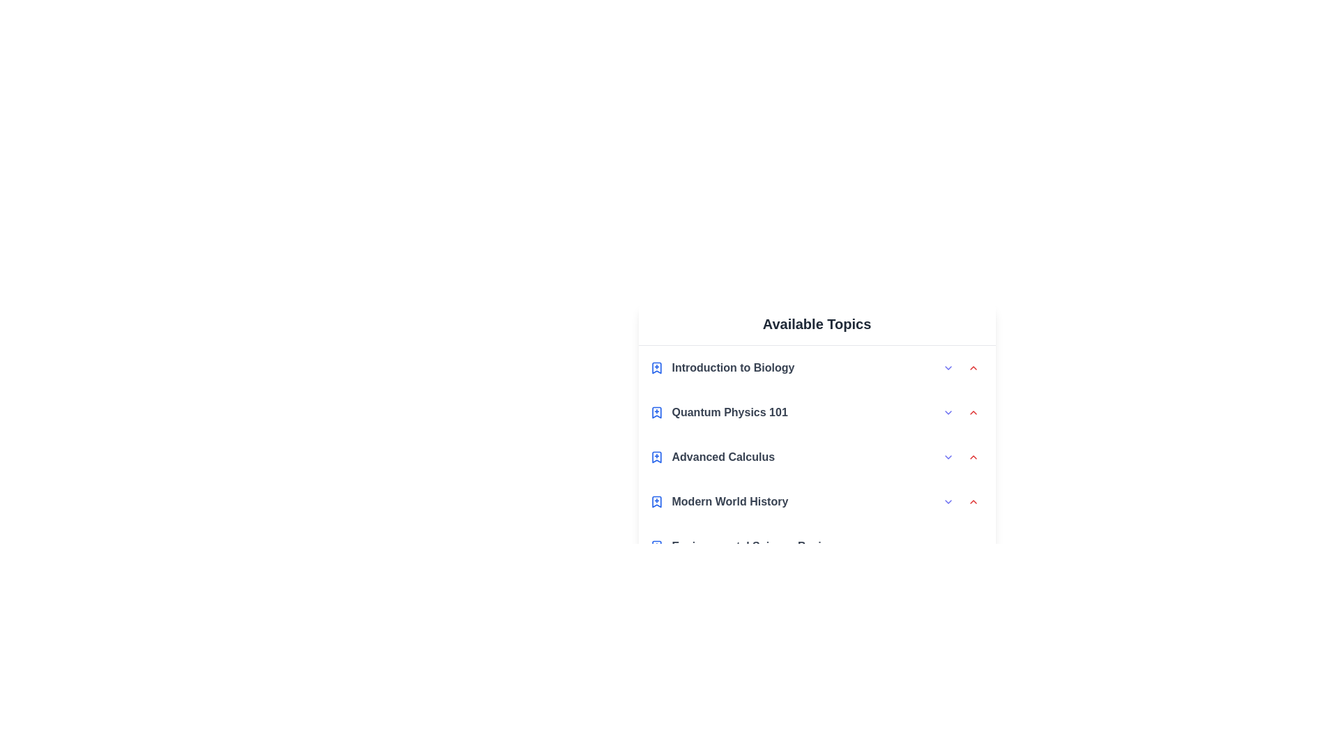 The image size is (1339, 753). Describe the element at coordinates (948, 502) in the screenshot. I see `the expand arrow for the topic Modern World History` at that location.